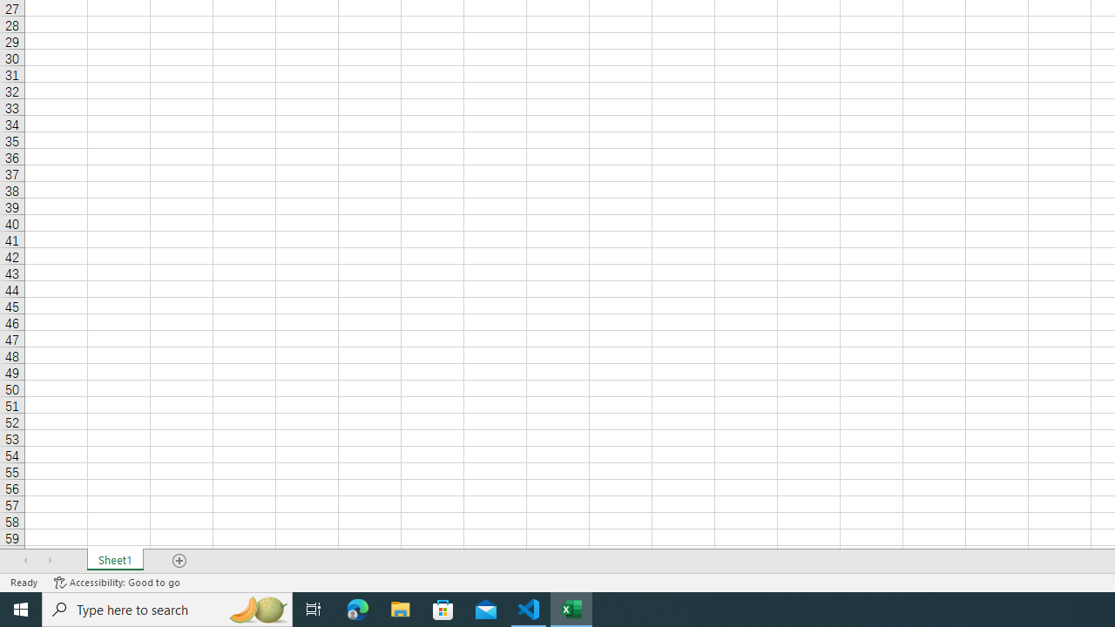  Describe the element at coordinates (116, 583) in the screenshot. I see `'Accessibility Checker Accessibility: Good to go'` at that location.